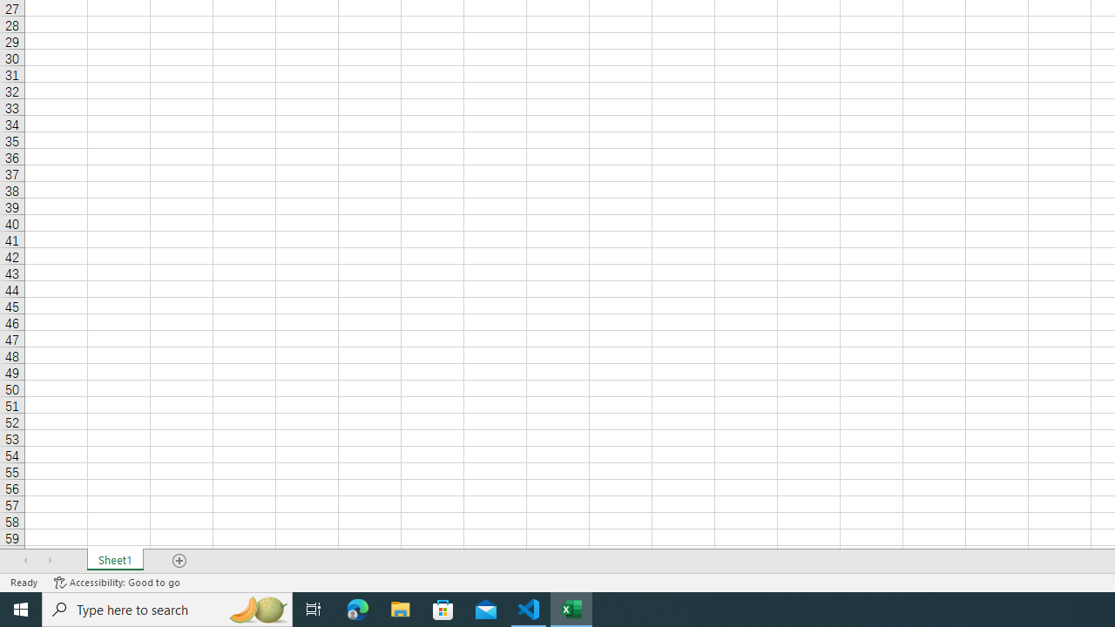  Describe the element at coordinates (116, 583) in the screenshot. I see `'Accessibility Checker Accessibility: Good to go'` at that location.